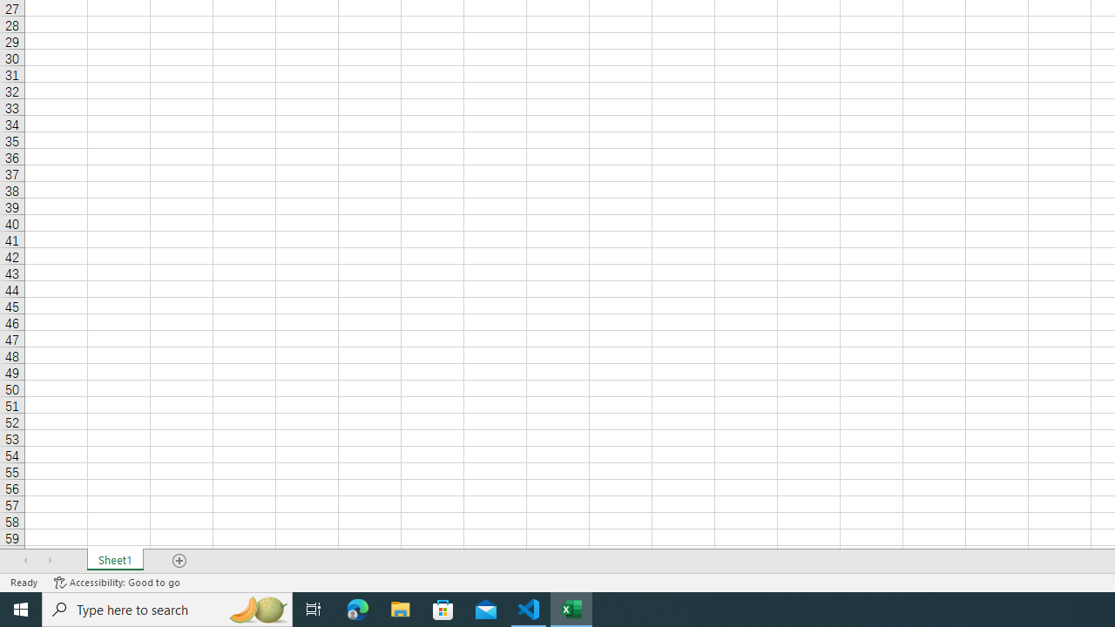  Describe the element at coordinates (116, 583) in the screenshot. I see `'Accessibility Checker Accessibility: Good to go'` at that location.